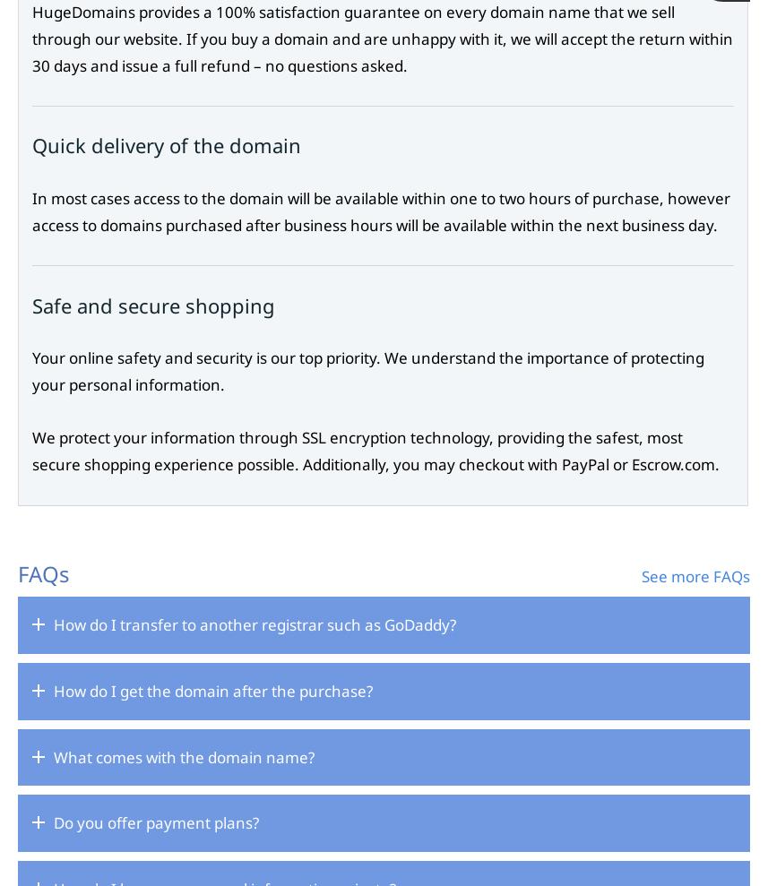 The image size is (768, 886). What do you see at coordinates (183, 756) in the screenshot?
I see `'What comes with the domain name?'` at bounding box center [183, 756].